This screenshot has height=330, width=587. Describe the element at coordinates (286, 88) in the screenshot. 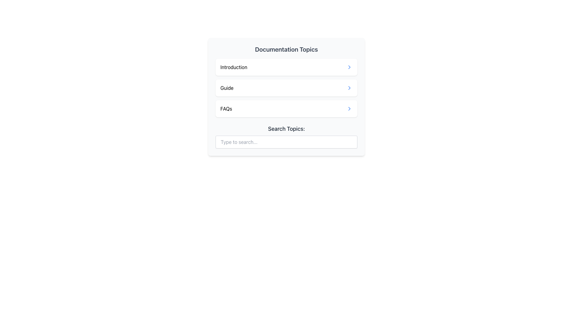

I see `the interactive link button labeled 'Guide'` at that location.